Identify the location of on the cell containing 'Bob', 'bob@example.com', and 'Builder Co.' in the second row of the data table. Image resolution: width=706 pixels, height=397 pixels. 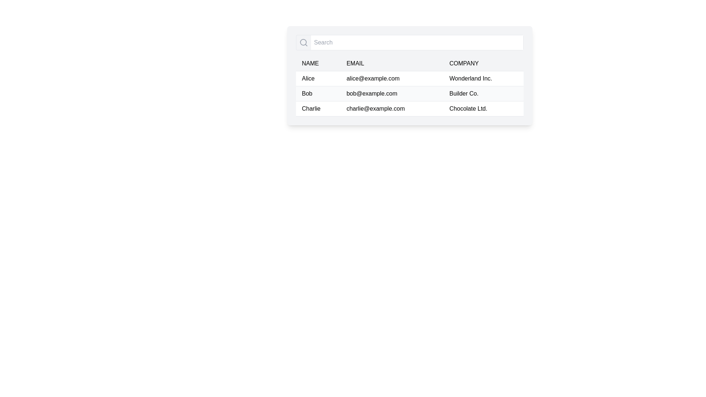
(409, 93).